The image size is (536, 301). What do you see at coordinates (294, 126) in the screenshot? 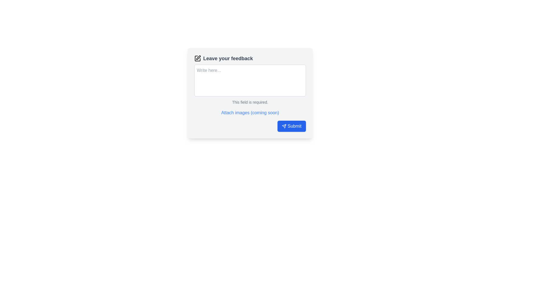
I see `the 'Submit' button located at the bottom-right section of the feedback form` at bounding box center [294, 126].